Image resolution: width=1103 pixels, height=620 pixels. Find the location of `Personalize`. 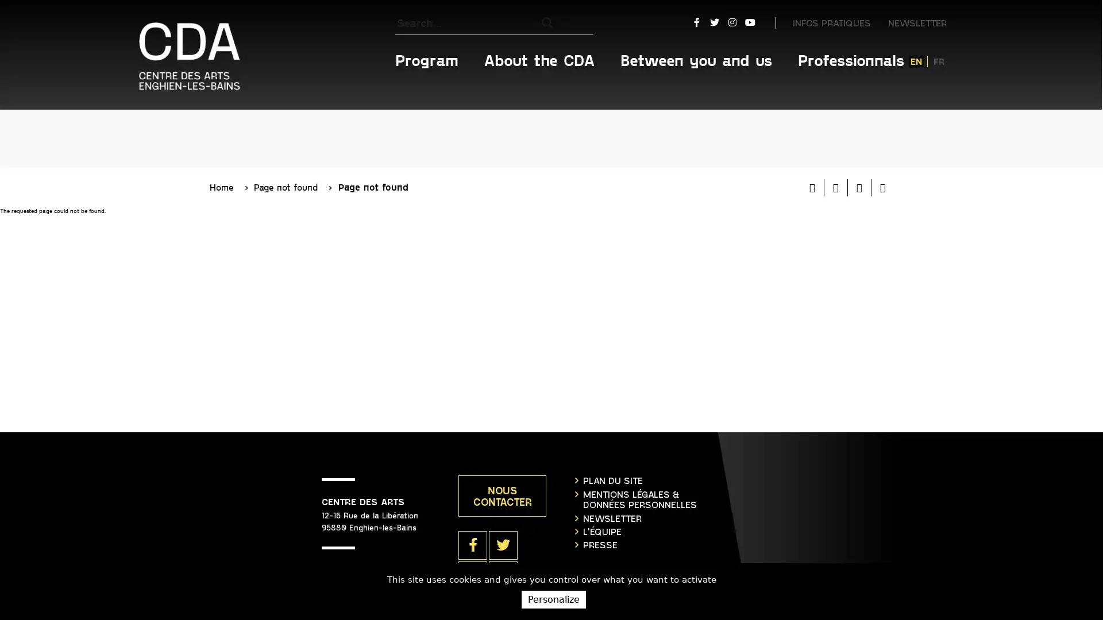

Personalize is located at coordinates (553, 599).